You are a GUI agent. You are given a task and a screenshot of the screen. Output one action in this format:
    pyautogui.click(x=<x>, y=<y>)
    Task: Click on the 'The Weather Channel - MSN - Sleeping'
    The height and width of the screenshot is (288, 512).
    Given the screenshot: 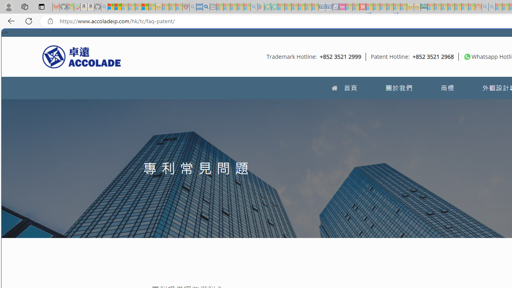 What is the action you would take?
    pyautogui.click(x=124, y=7)
    